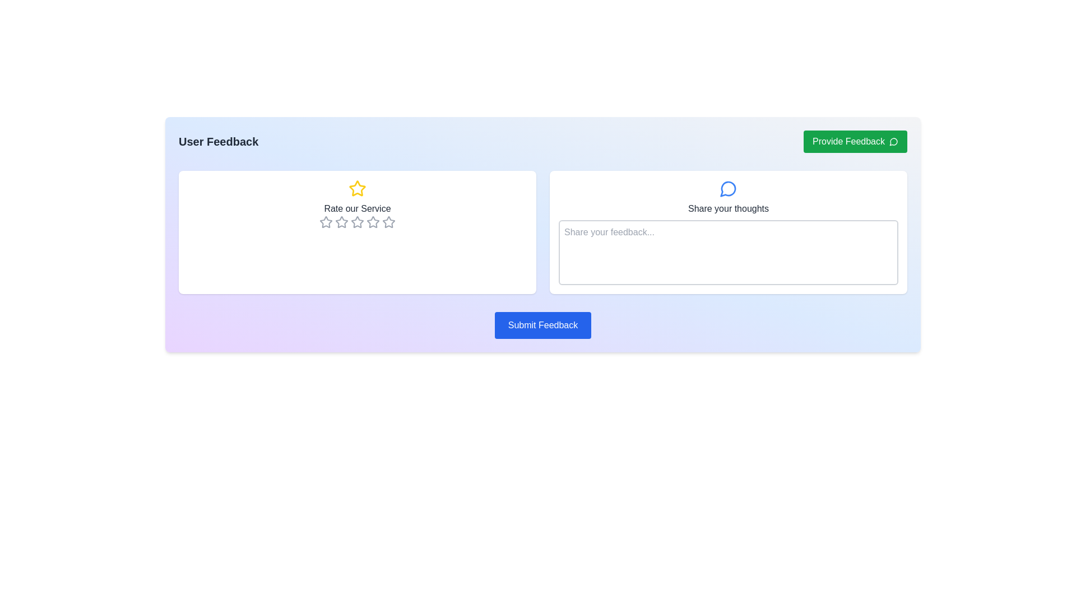  I want to click on the 'Submit Feedback' button, which is a centrally located button with white text on a blue background that changes to a darker blue when hovered, so click(543, 325).